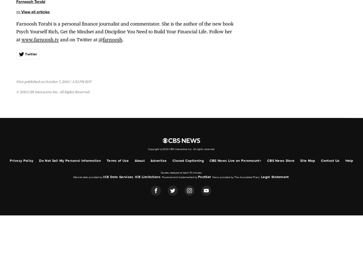 The width and height of the screenshot is (363, 265). I want to click on '. Powered and implemented by', so click(179, 177).